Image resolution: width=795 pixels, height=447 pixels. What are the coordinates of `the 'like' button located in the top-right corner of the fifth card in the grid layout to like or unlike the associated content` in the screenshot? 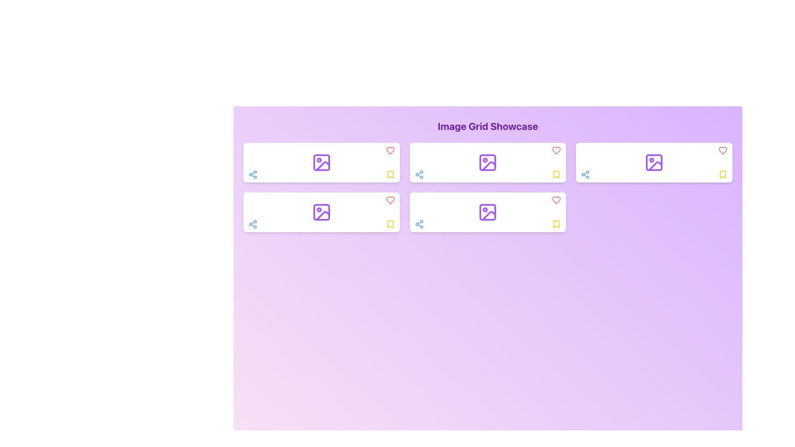 It's located at (723, 150).